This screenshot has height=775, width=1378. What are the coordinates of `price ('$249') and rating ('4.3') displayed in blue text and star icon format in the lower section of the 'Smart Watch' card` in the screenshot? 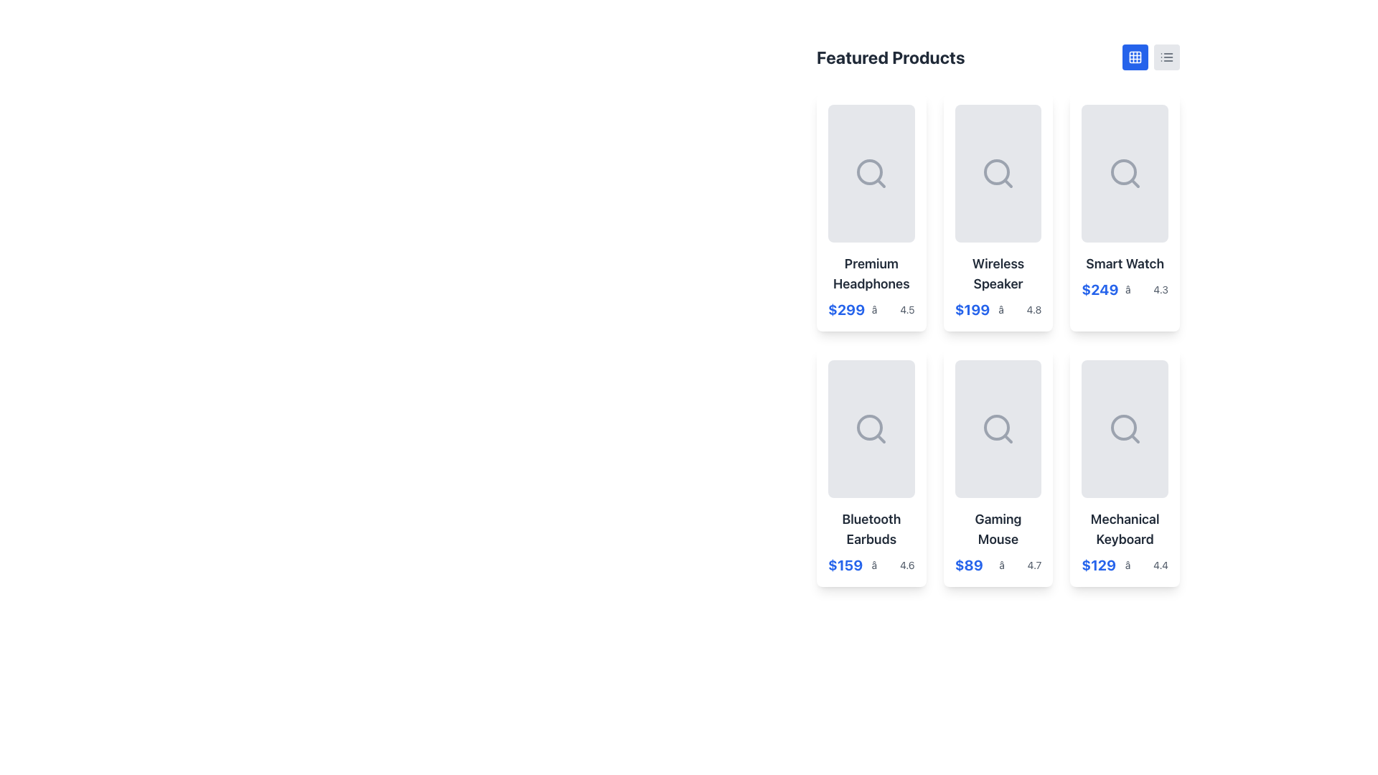 It's located at (1124, 290).